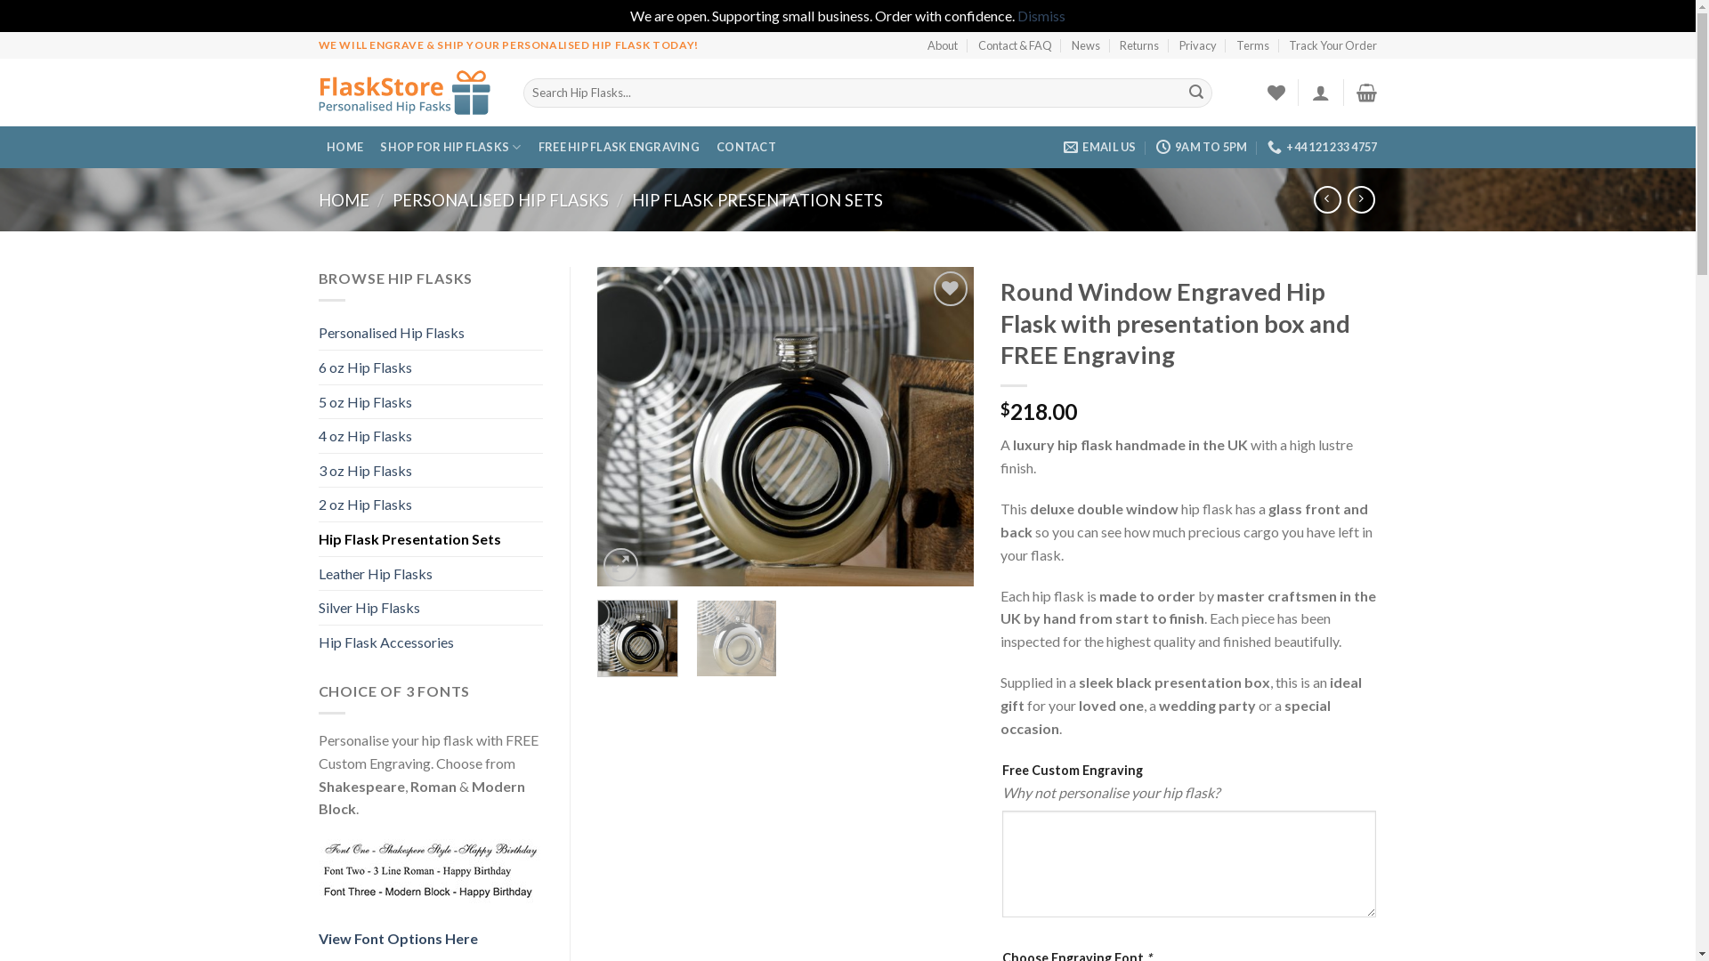 The width and height of the screenshot is (1709, 961). I want to click on 'Basket', so click(1365, 93).